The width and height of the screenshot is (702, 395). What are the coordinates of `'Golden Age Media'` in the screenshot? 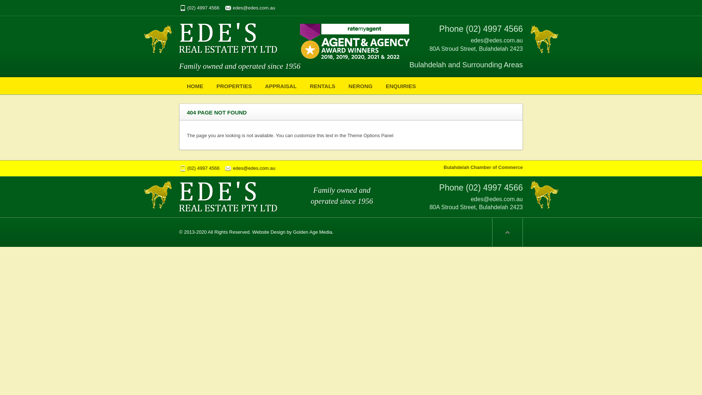 It's located at (312, 232).